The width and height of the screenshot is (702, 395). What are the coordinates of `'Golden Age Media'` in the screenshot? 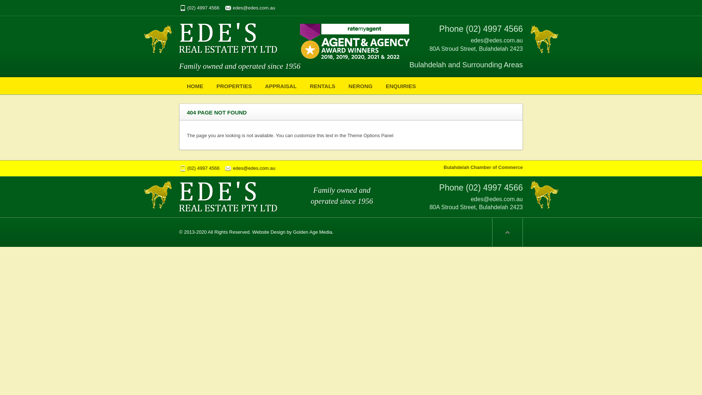 It's located at (312, 232).